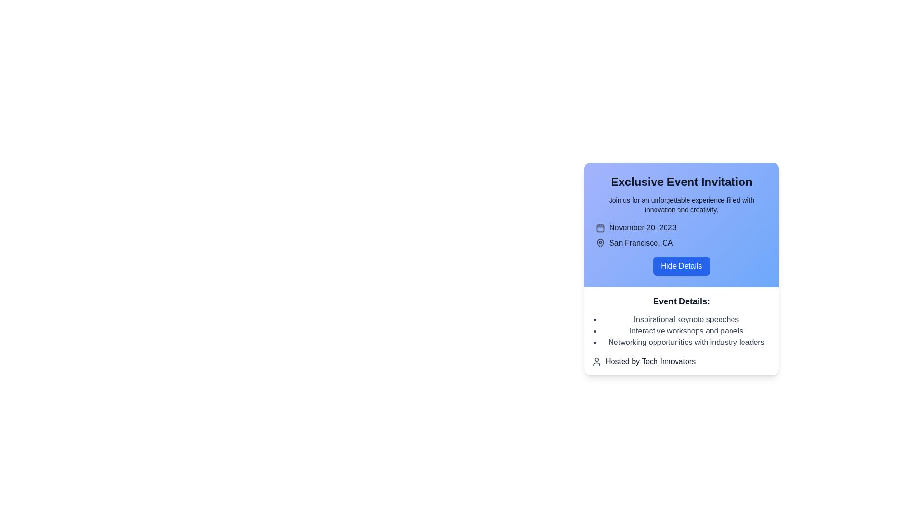  I want to click on the user profile icon, which is a grayish circular head atop an oval torso, located in the bottom-left section of the card before the text 'Hosted by Tech Innovators.', so click(596, 361).